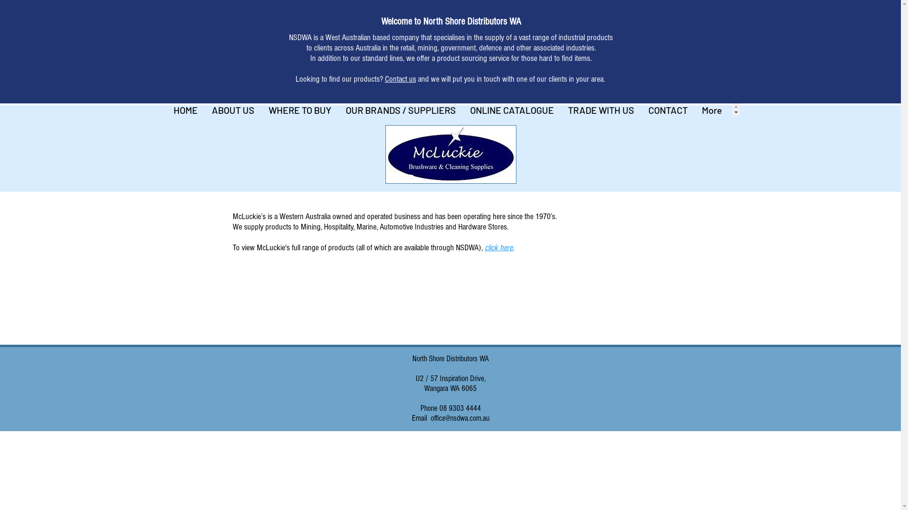  What do you see at coordinates (185, 109) in the screenshot?
I see `'HOME'` at bounding box center [185, 109].